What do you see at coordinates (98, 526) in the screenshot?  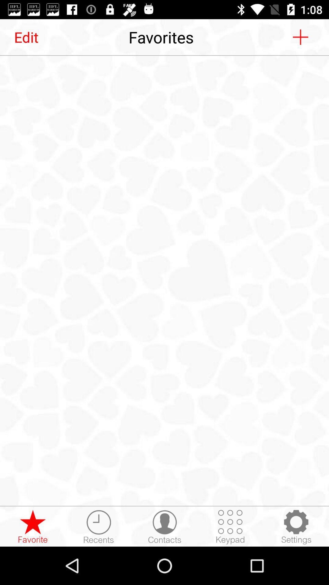 I see `recent items` at bounding box center [98, 526].